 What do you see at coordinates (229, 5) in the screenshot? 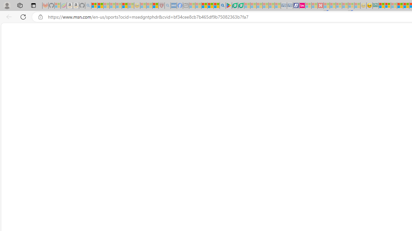
I see `'Bluey: Let'` at bounding box center [229, 5].